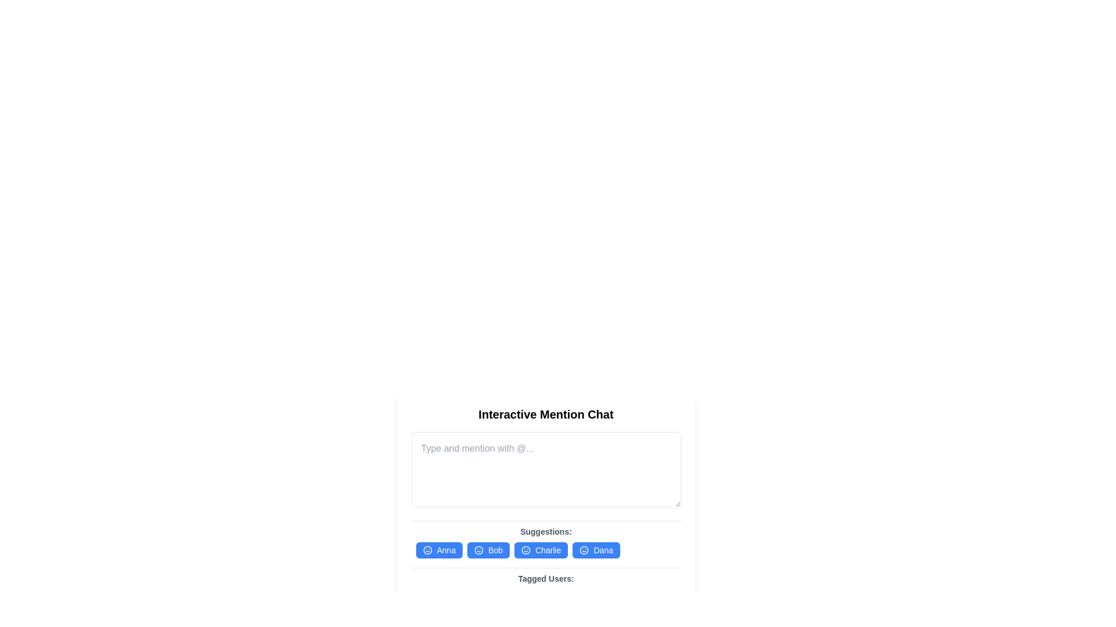 This screenshot has height=627, width=1116. I want to click on the button labeled 'Bob', which is the second button in the group of suggestion buttons in the 'Suggestions' section below the input box, so click(488, 550).